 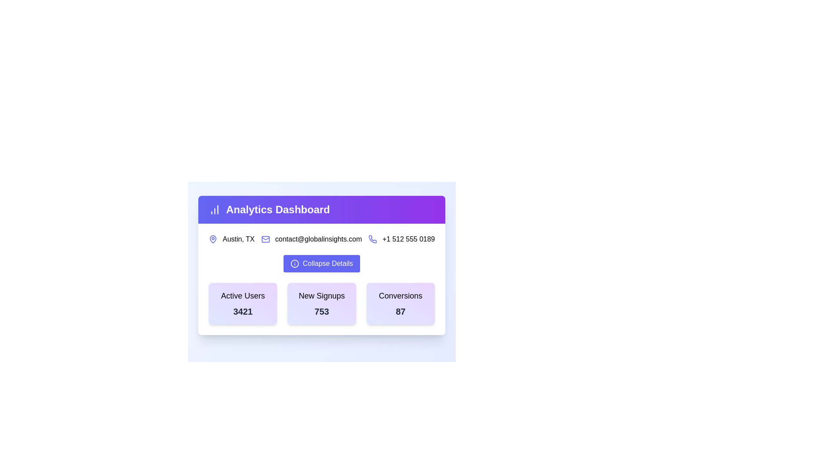 I want to click on the Information display panel located below the 'Analytics Dashboard' header and above the 'Collapse Details' button, which contains location, email address, and phone number information, so click(x=321, y=239).